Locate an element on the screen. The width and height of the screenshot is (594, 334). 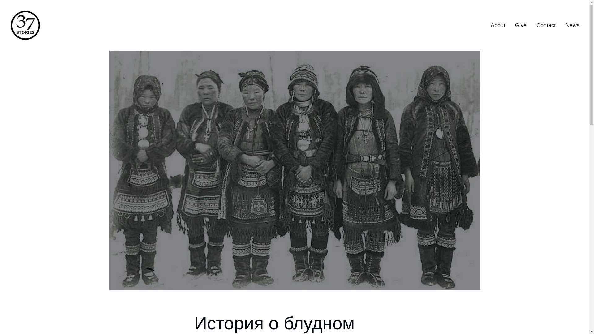
'Give' is located at coordinates (520, 25).